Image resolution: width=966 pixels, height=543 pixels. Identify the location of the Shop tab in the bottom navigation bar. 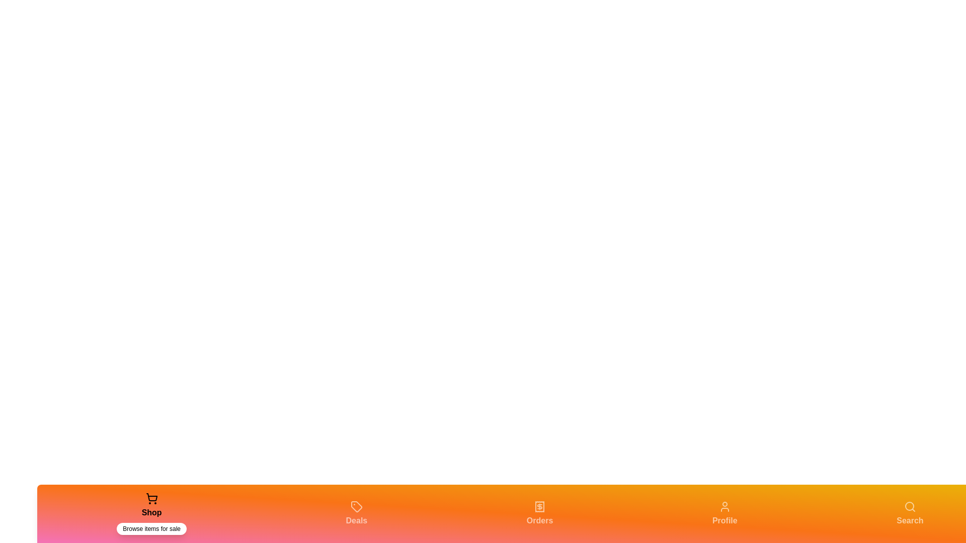
(151, 514).